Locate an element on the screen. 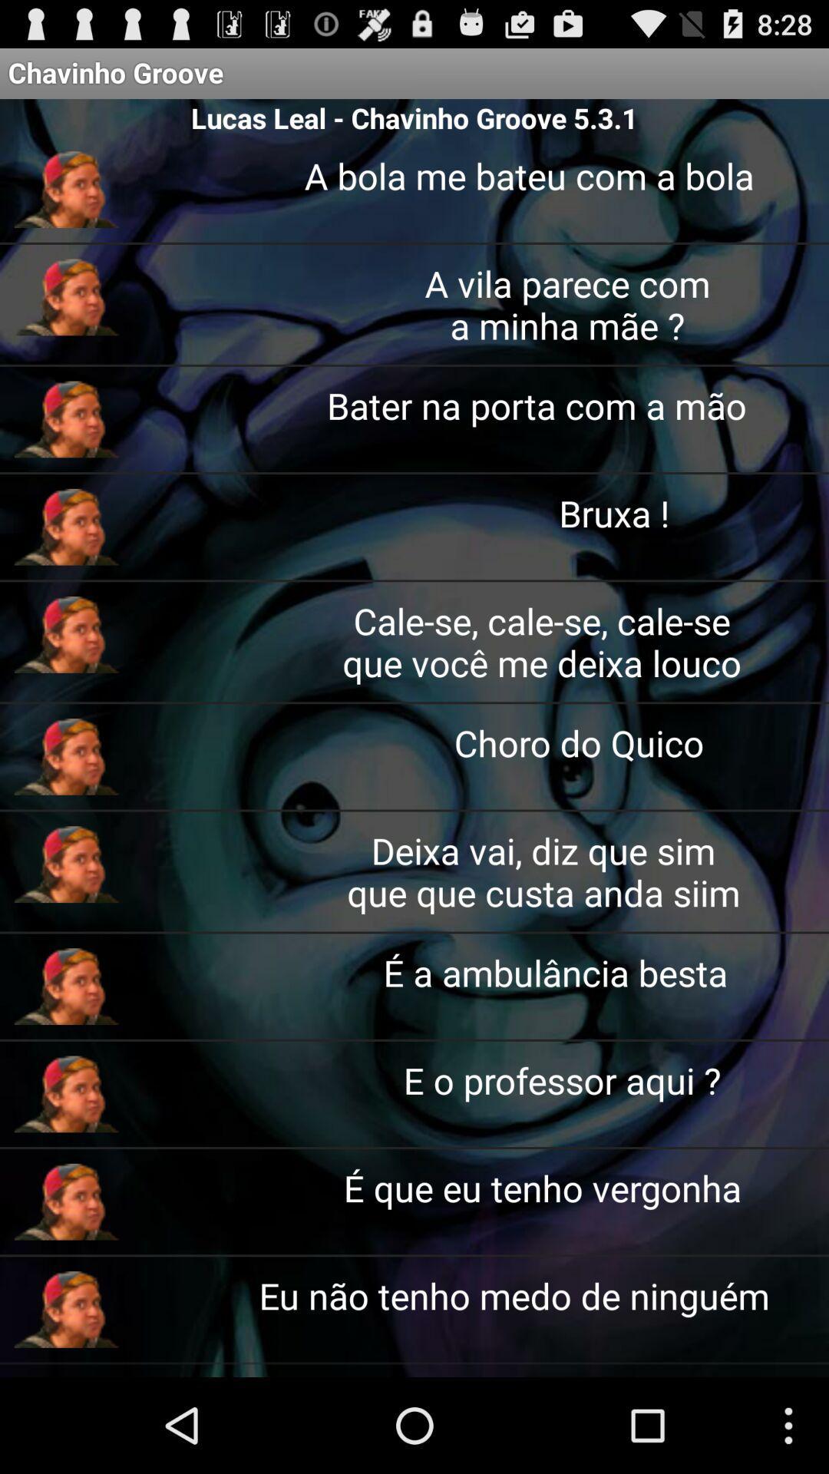 This screenshot has height=1474, width=829. last but two image is located at coordinates (66, 1093).